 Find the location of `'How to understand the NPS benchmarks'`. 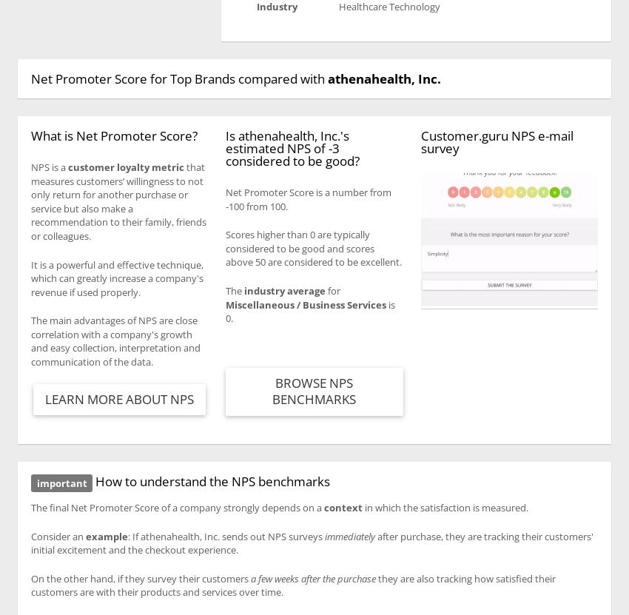

'How to understand the NPS benchmarks' is located at coordinates (210, 481).